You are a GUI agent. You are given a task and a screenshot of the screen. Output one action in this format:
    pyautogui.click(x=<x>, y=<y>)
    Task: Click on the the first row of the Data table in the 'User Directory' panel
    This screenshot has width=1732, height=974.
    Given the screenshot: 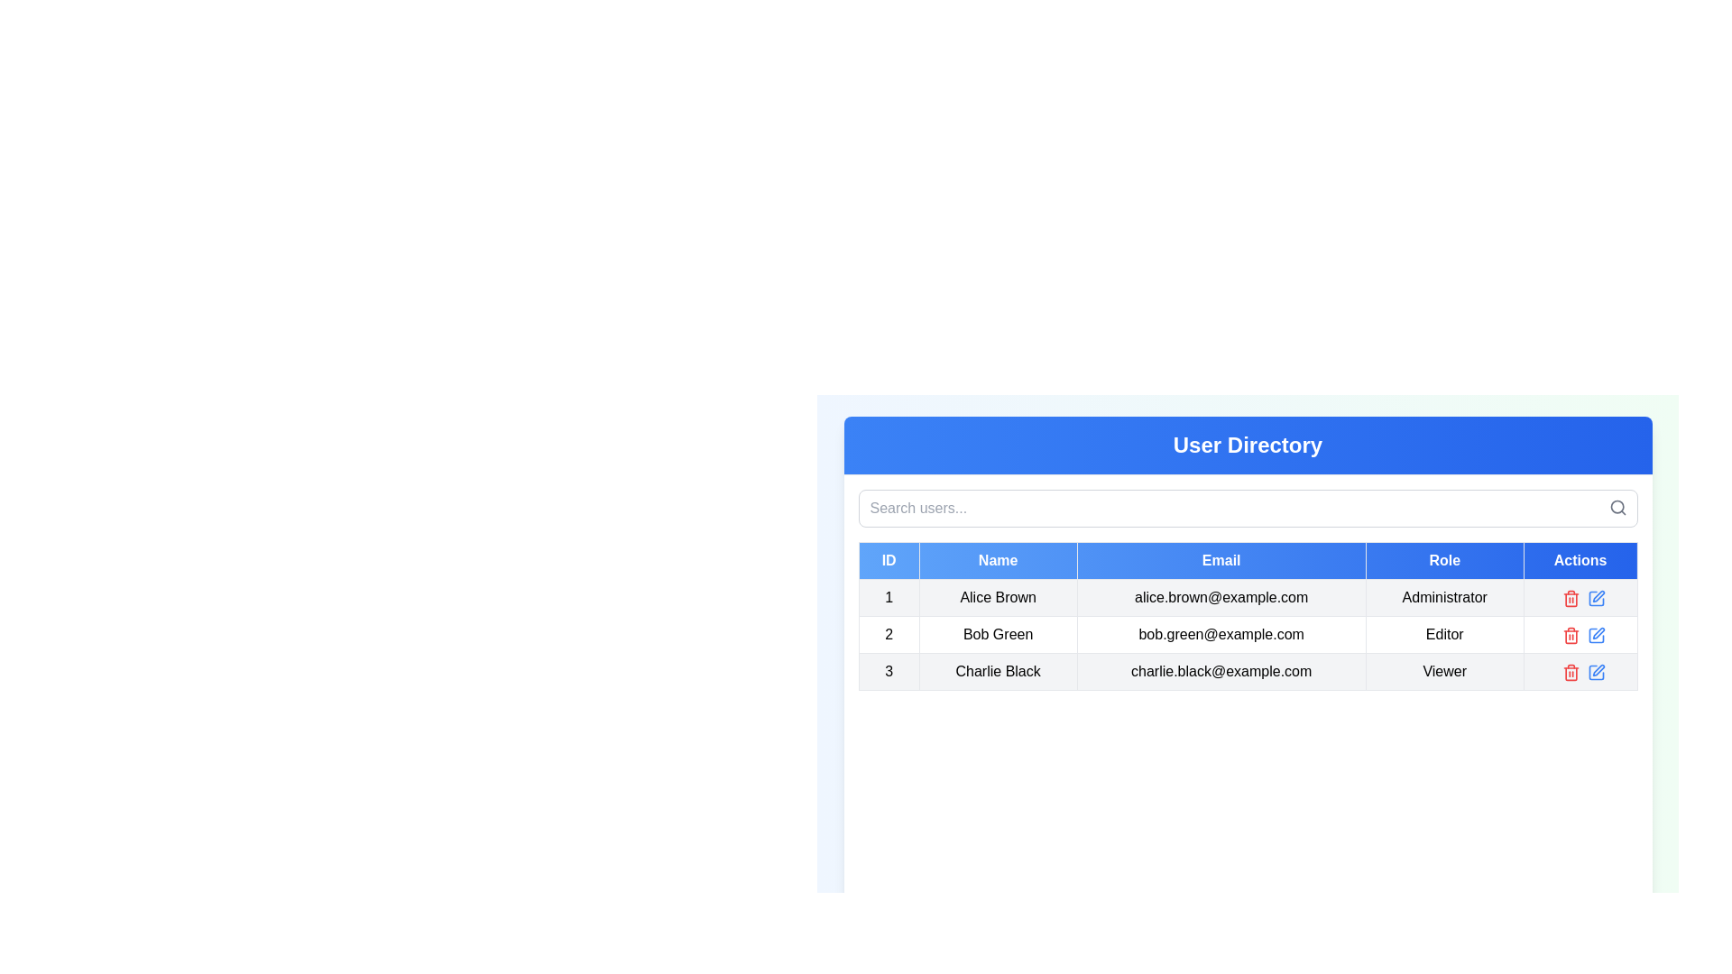 What is the action you would take?
    pyautogui.click(x=1247, y=590)
    